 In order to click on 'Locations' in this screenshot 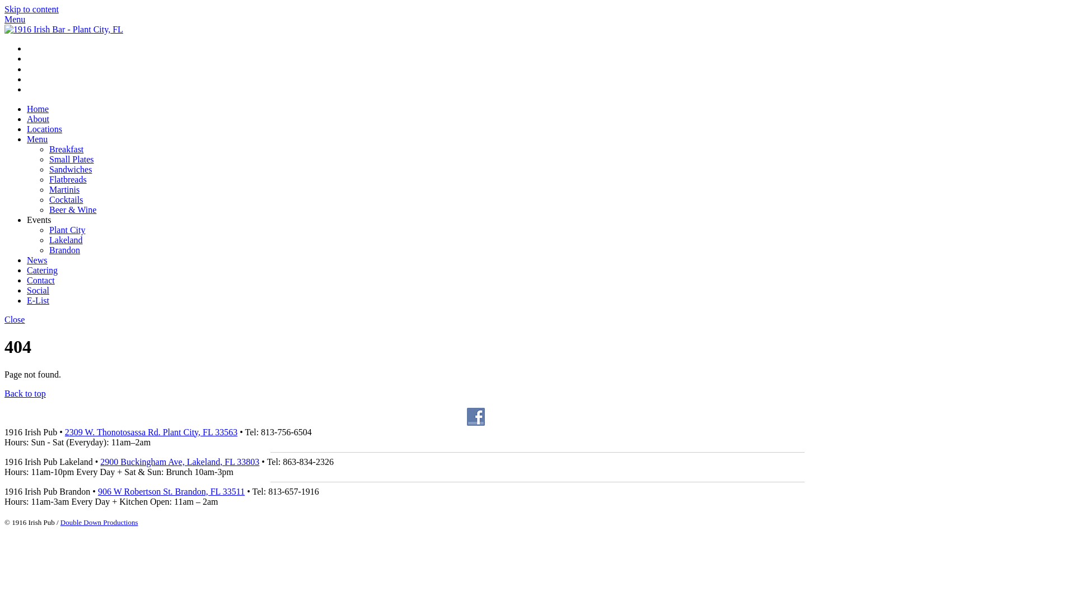, I will do `click(27, 128)`.